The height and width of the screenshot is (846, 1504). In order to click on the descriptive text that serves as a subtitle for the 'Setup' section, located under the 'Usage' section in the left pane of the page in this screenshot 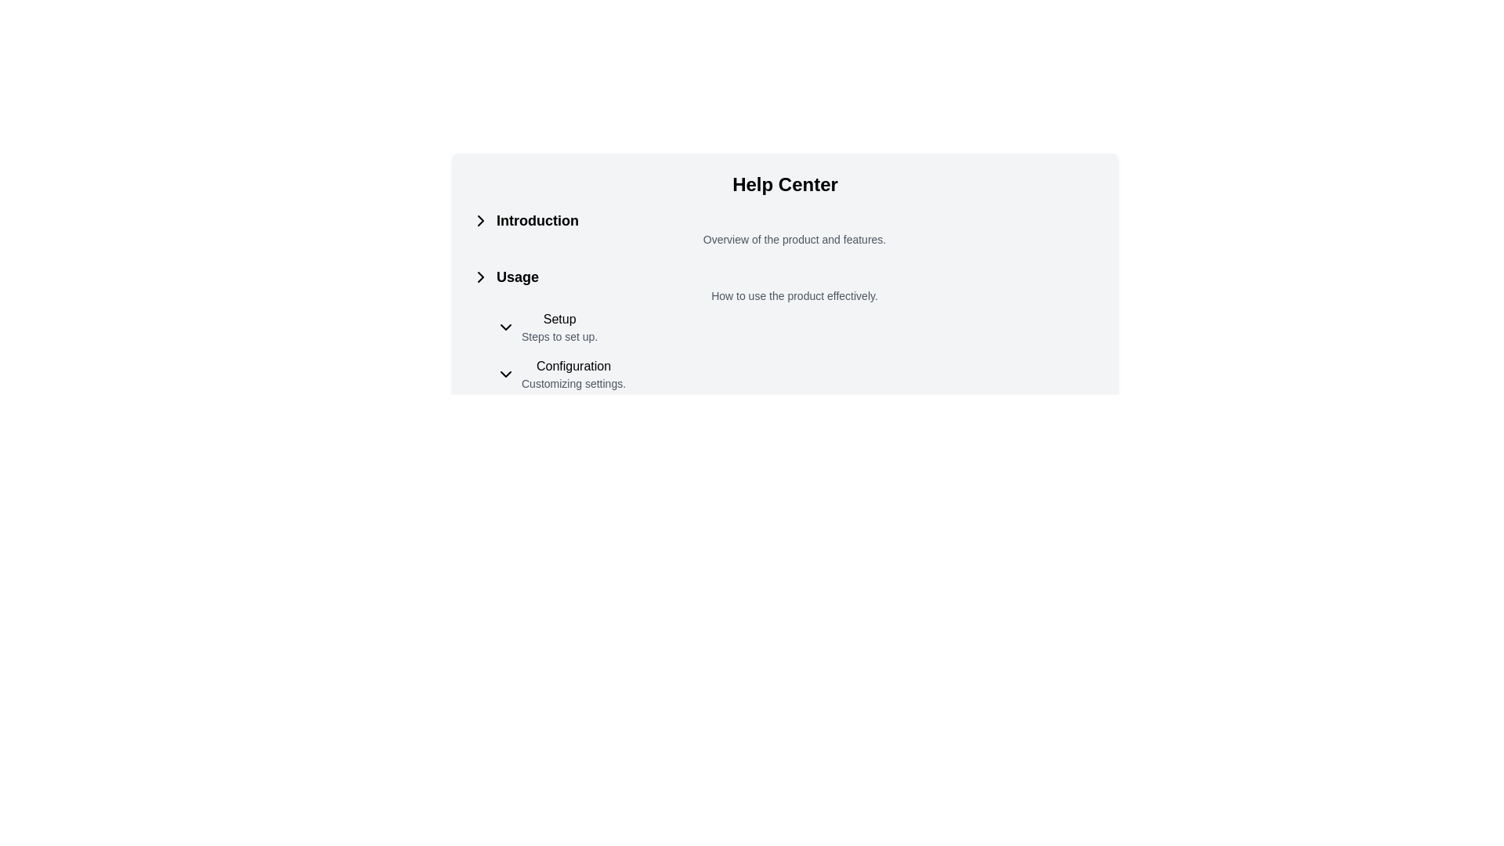, I will do `click(559, 335)`.